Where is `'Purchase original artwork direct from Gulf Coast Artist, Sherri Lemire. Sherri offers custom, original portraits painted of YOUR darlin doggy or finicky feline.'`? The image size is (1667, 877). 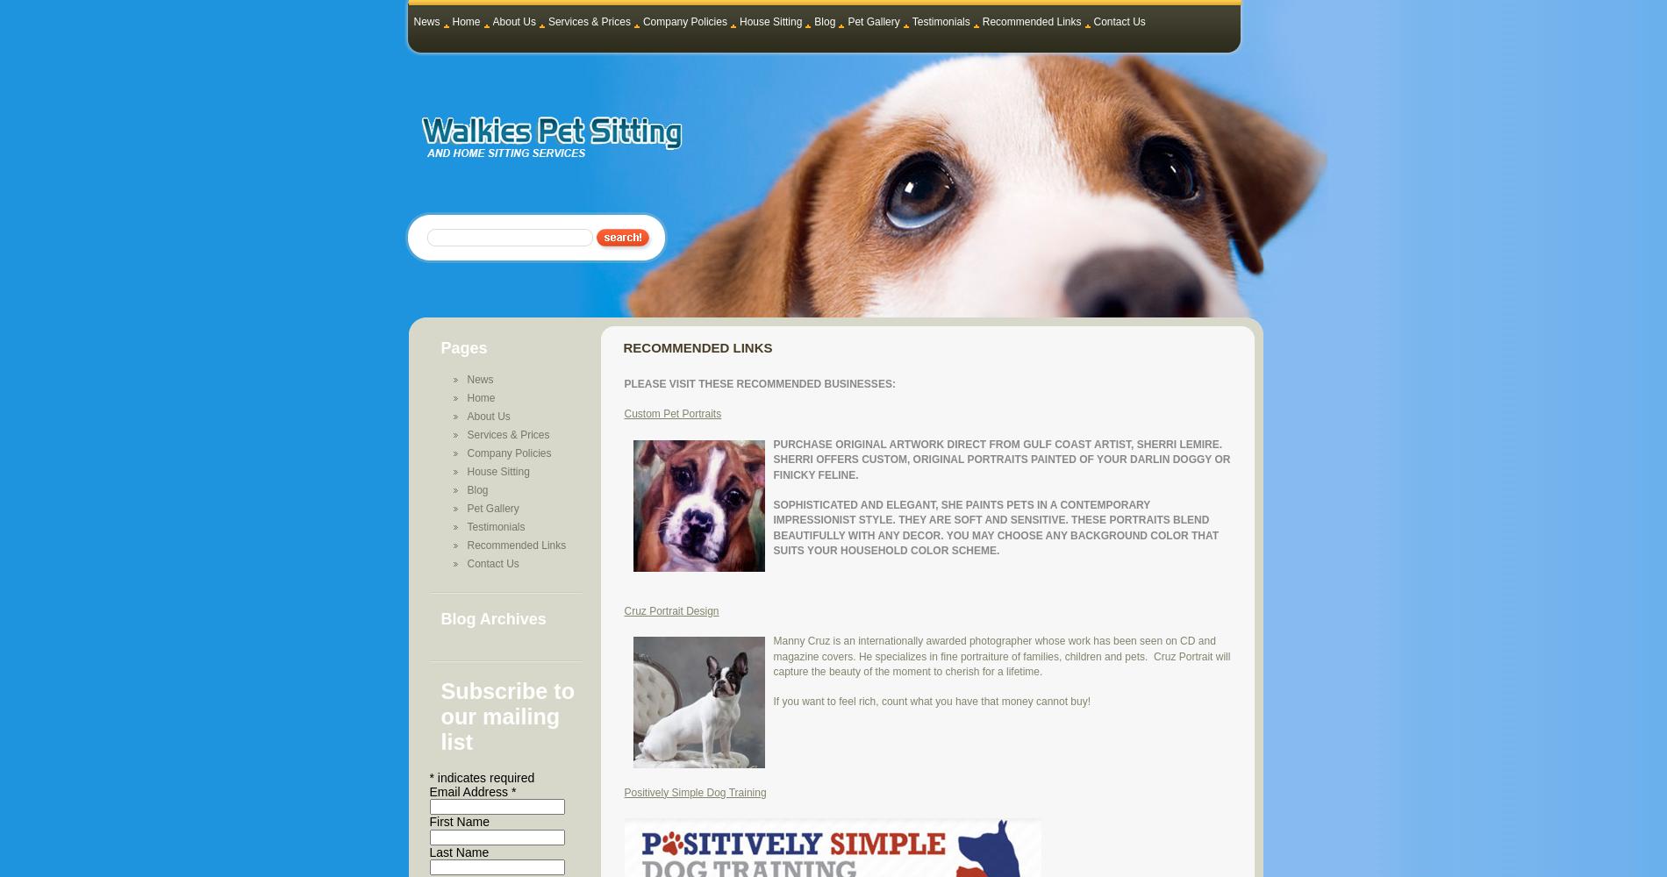
'Purchase original artwork direct from Gulf Coast Artist, Sherri Lemire. Sherri offers custom, original portraits painted of YOUR darlin doggy or finicky feline.' is located at coordinates (772, 459).